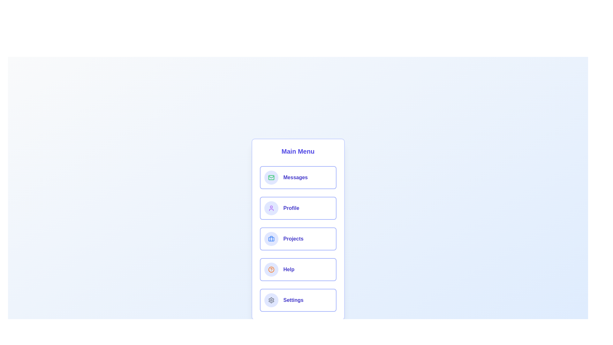 Image resolution: width=613 pixels, height=345 pixels. Describe the element at coordinates (298, 300) in the screenshot. I see `the menu item labeled Settings` at that location.